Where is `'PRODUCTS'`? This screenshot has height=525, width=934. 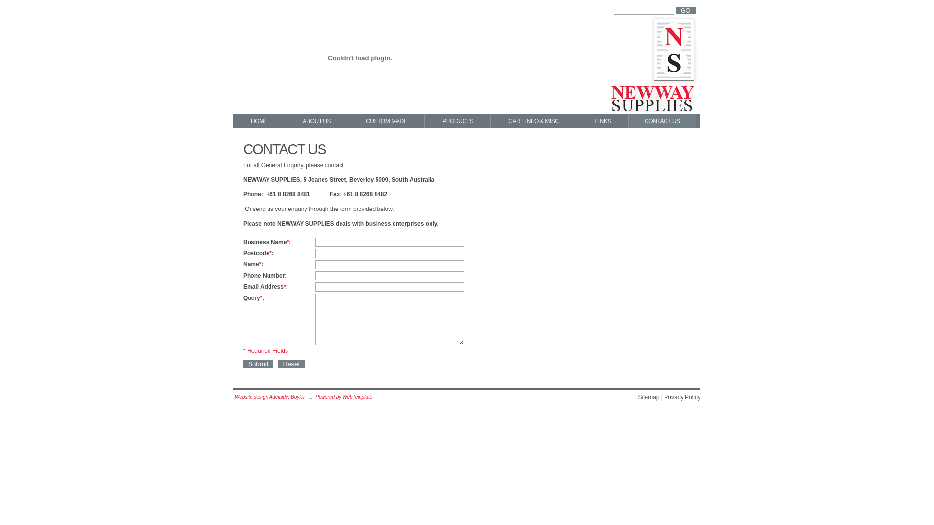 'PRODUCTS' is located at coordinates (425, 121).